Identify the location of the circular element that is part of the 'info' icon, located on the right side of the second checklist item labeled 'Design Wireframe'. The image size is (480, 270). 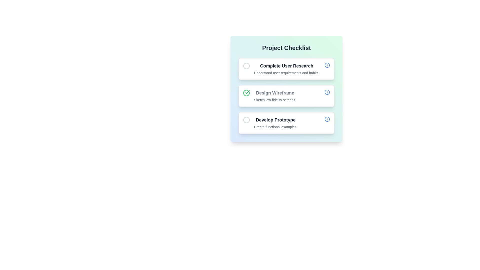
(327, 92).